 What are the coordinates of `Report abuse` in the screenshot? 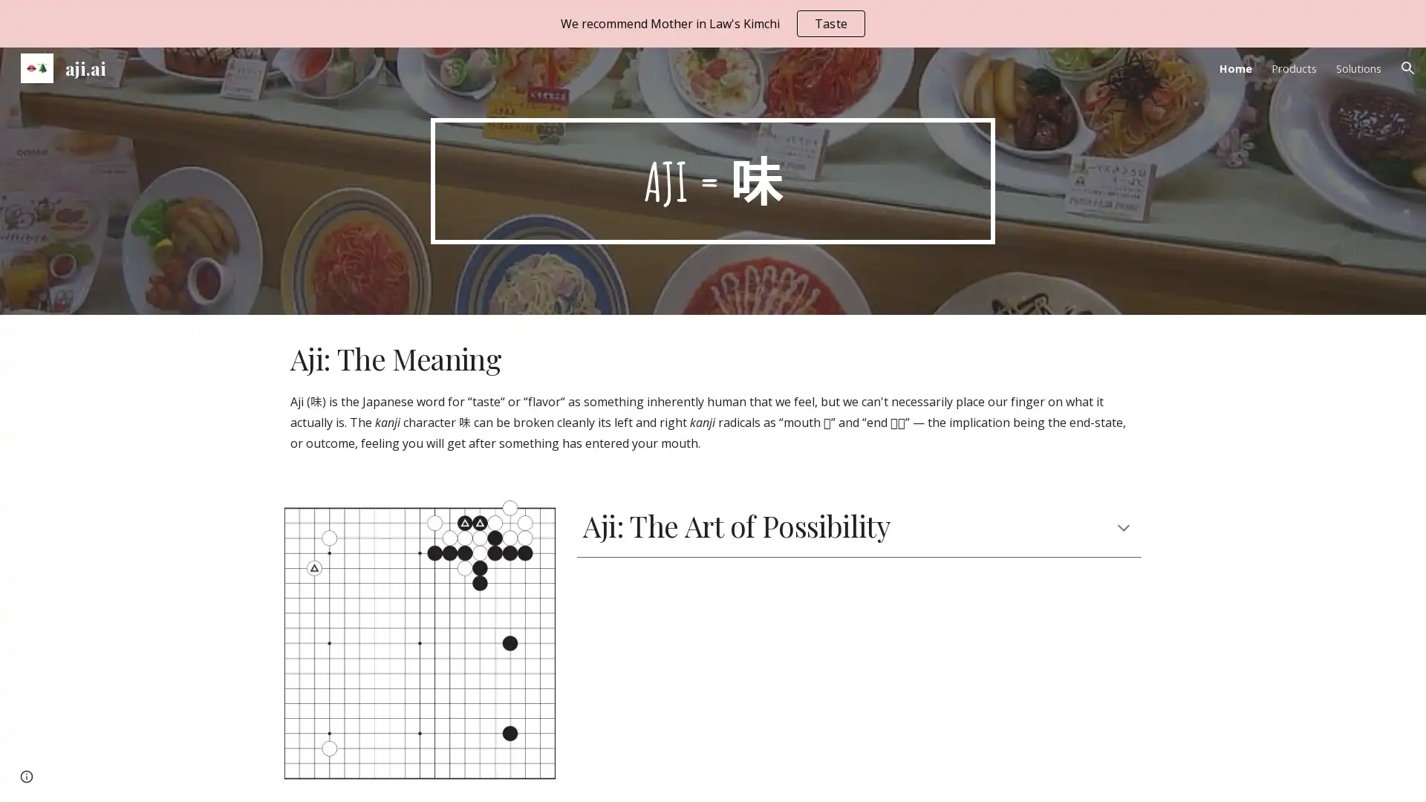 It's located at (116, 775).